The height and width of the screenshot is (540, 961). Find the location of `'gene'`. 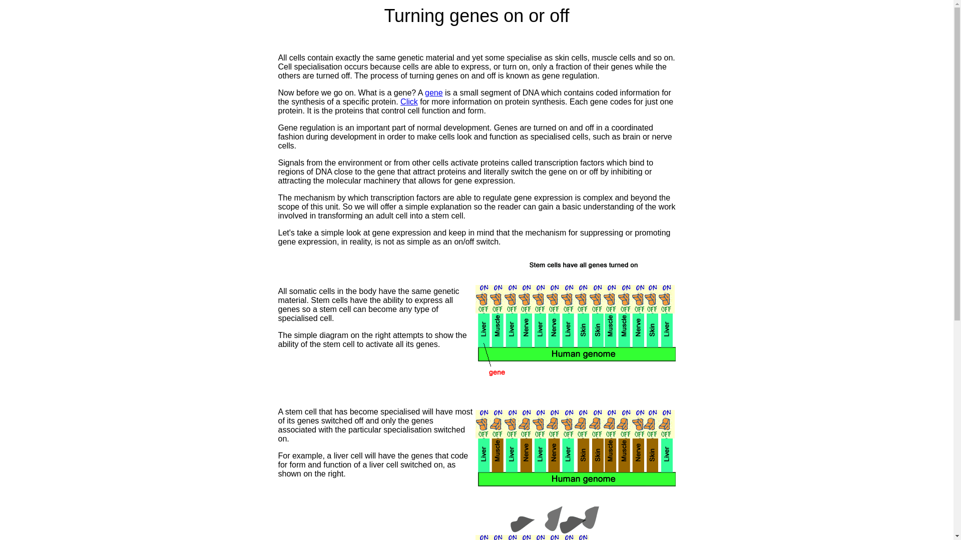

'gene' is located at coordinates (434, 92).